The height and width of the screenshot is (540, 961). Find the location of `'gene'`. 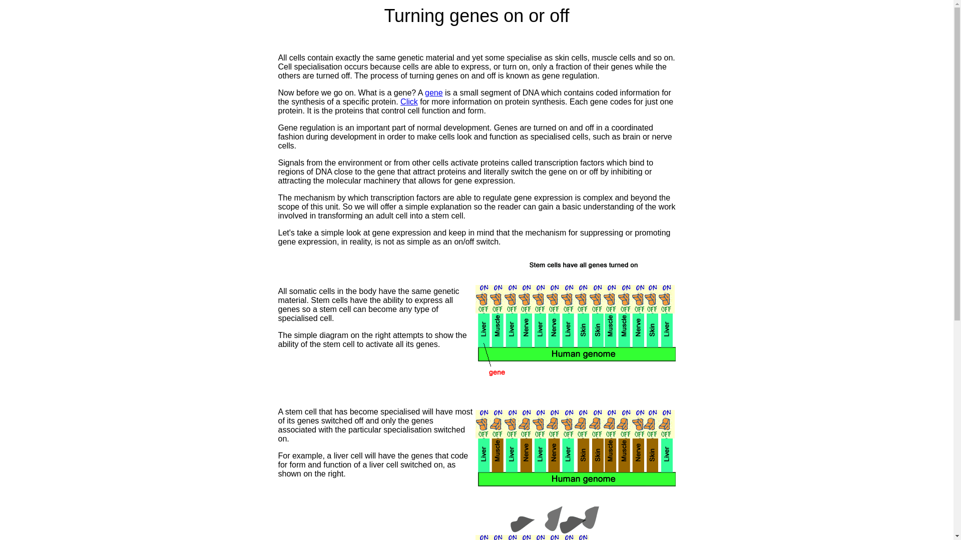

'gene' is located at coordinates (434, 92).